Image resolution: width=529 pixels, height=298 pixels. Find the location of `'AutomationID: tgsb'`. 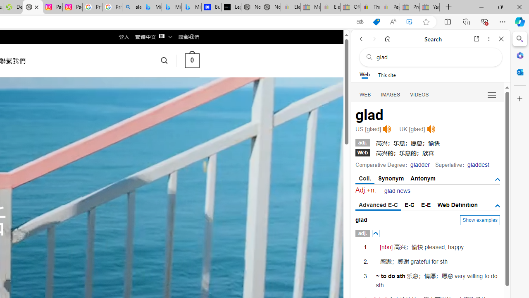

'AutomationID: tgsb' is located at coordinates (497, 179).